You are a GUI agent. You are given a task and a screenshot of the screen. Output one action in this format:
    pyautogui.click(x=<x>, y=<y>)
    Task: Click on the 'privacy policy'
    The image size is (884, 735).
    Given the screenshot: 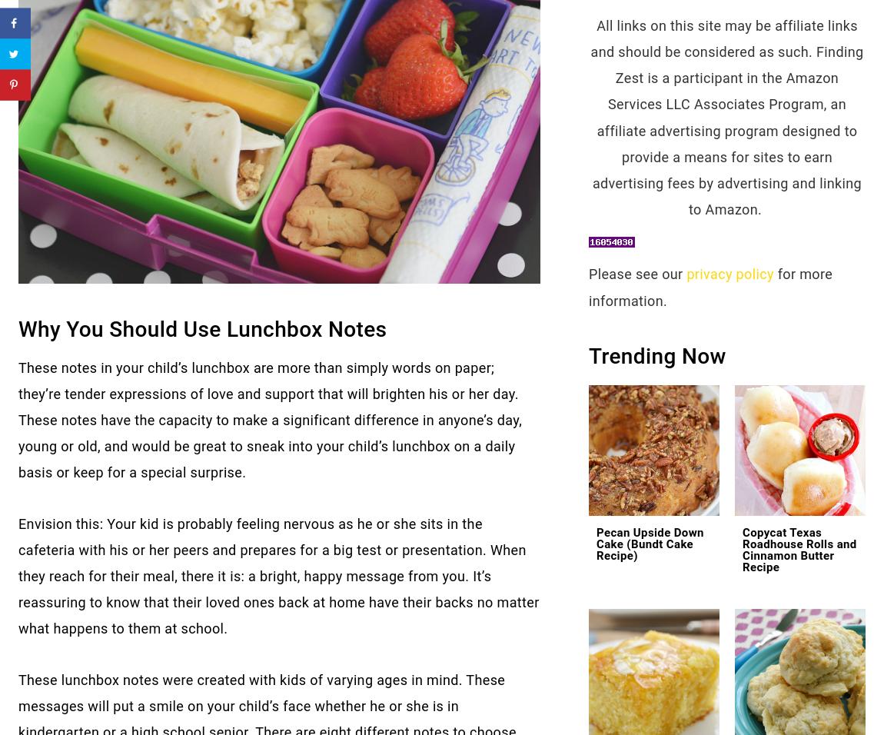 What is the action you would take?
    pyautogui.click(x=729, y=273)
    